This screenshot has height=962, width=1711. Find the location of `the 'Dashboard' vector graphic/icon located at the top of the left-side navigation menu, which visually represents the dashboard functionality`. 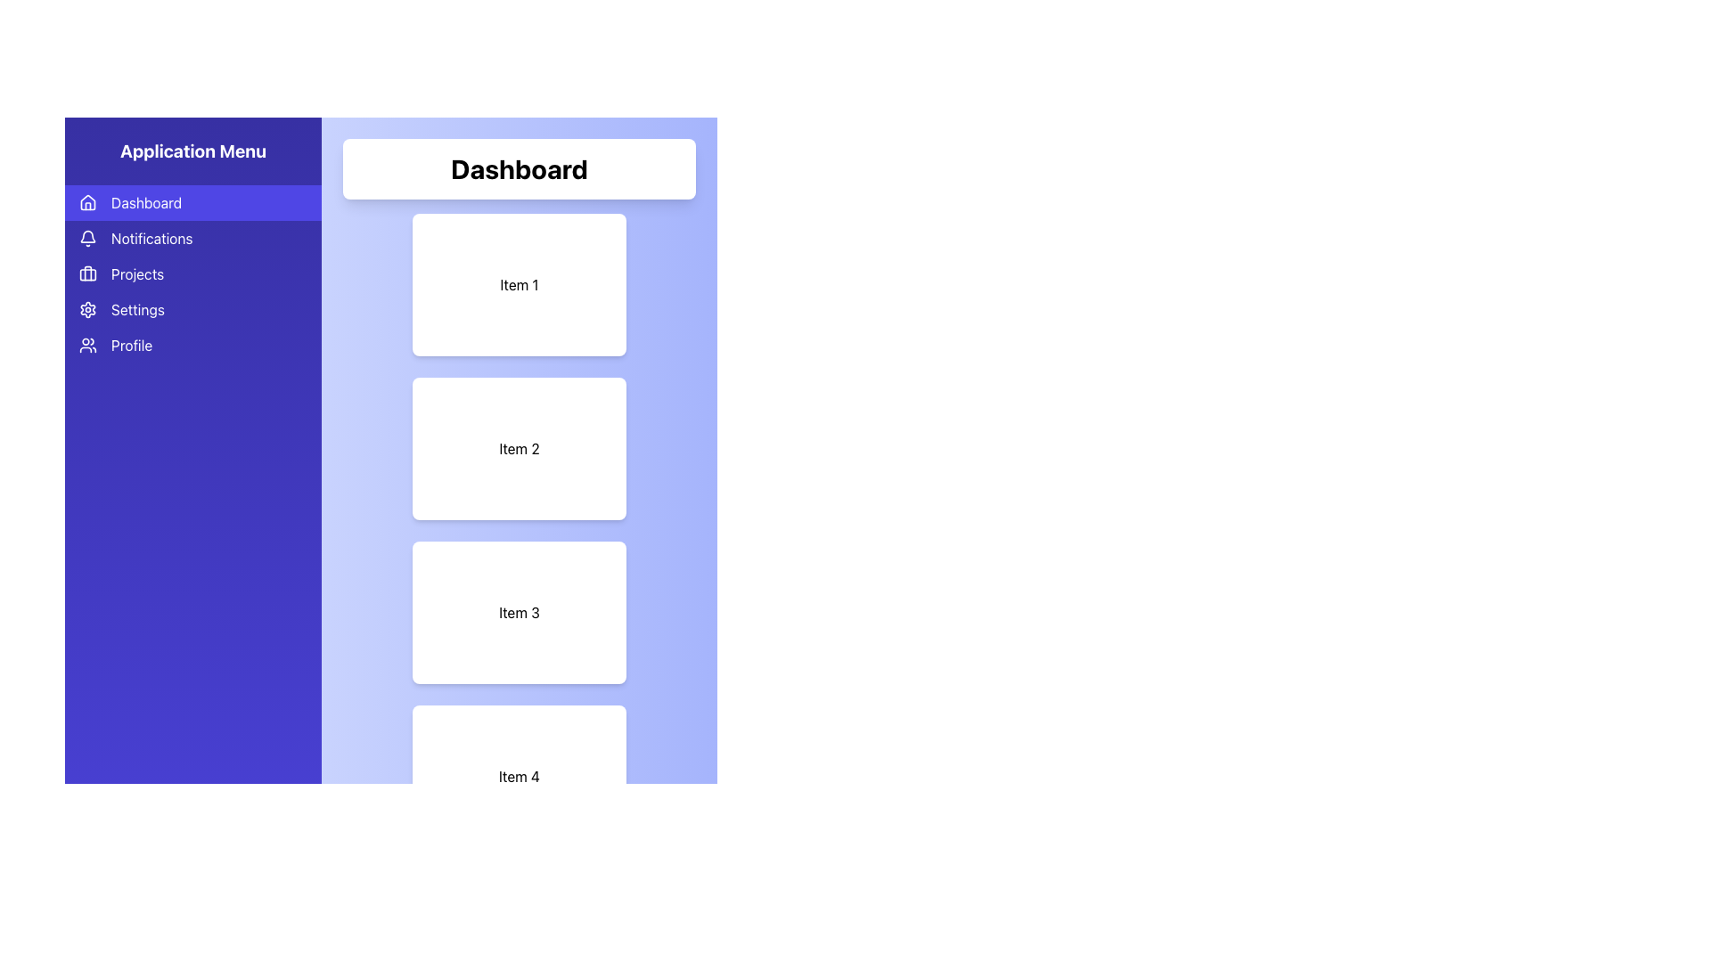

the 'Dashboard' vector graphic/icon located at the top of the left-side navigation menu, which visually represents the dashboard functionality is located at coordinates (87, 201).